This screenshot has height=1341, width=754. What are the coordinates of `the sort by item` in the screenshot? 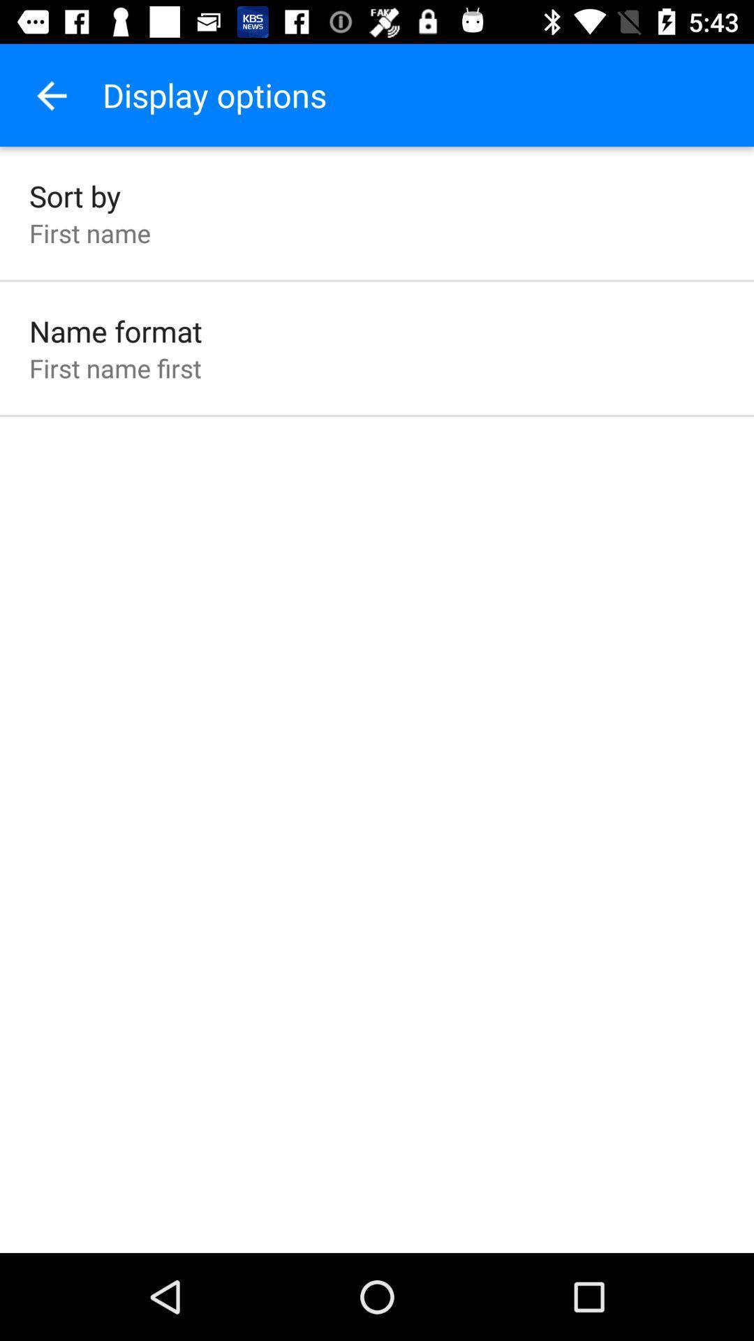 It's located at (75, 195).